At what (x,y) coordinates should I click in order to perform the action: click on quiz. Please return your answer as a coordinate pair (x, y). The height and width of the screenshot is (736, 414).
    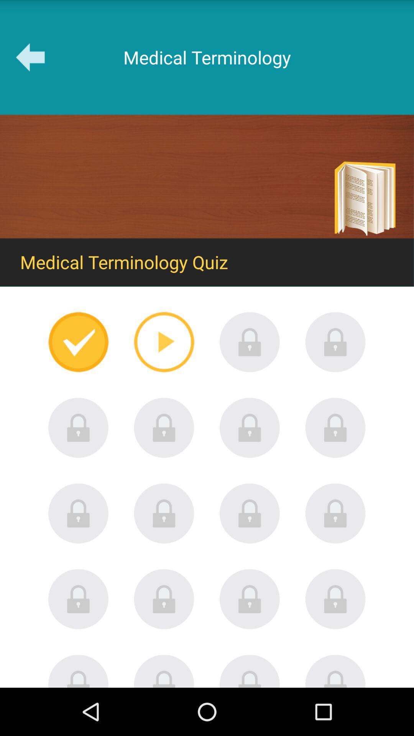
    Looking at the image, I should click on (250, 513).